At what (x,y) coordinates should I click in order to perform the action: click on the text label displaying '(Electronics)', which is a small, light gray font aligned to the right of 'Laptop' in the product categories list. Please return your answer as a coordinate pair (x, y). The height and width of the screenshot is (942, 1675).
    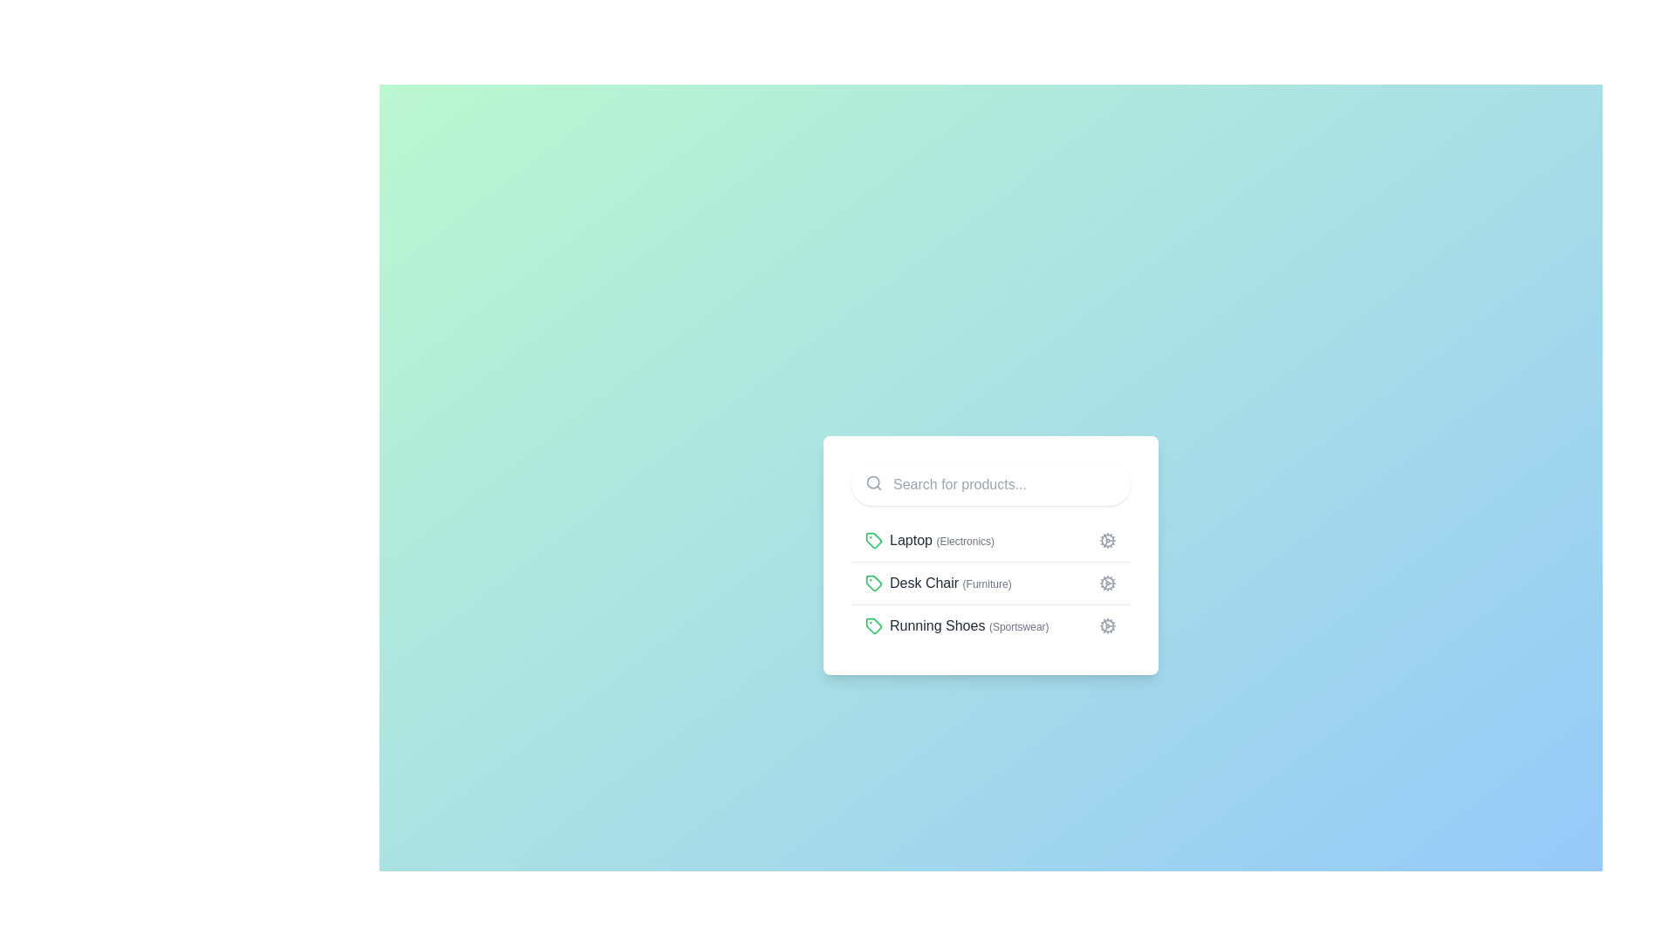
    Looking at the image, I should click on (964, 541).